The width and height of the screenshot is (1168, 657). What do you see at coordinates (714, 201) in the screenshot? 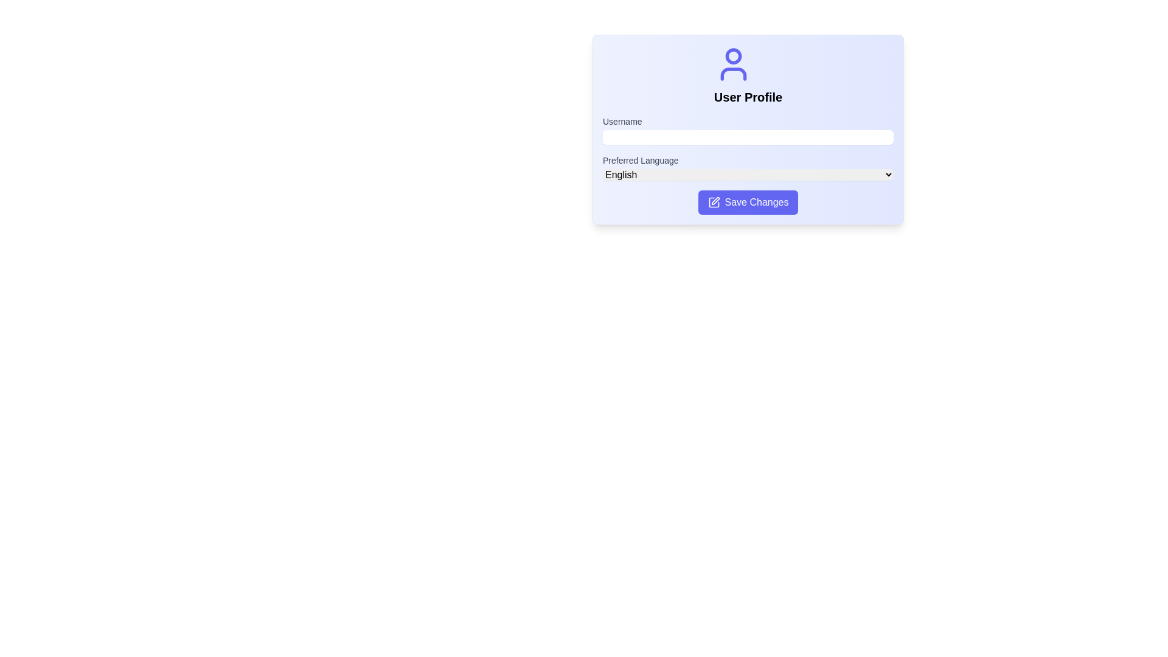
I see `the square icon with a pen inside the 'Save Changes' button located at the bottom of the profile form` at bounding box center [714, 201].